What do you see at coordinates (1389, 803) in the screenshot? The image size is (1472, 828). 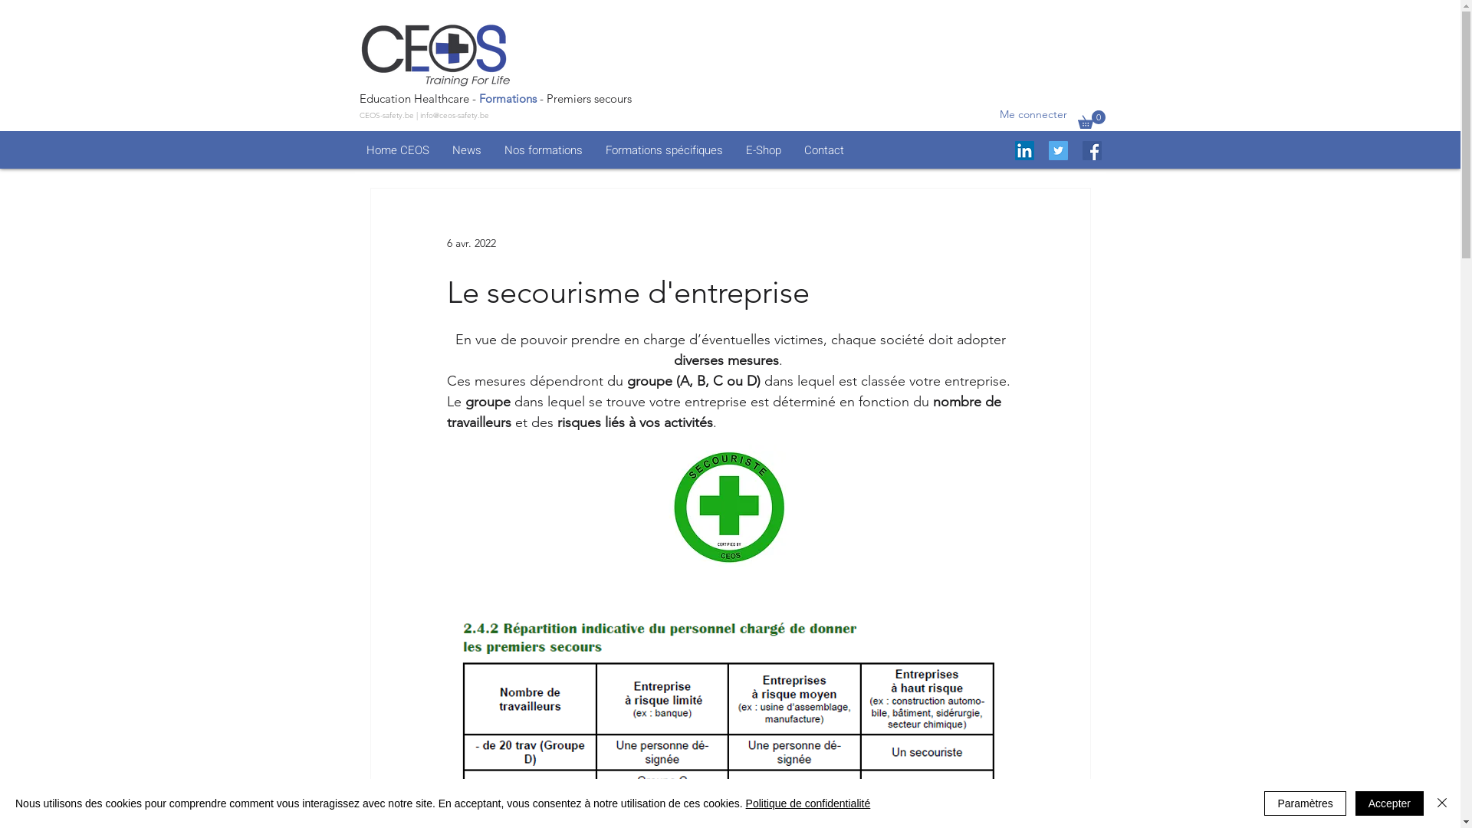 I see `'Accepter'` at bounding box center [1389, 803].